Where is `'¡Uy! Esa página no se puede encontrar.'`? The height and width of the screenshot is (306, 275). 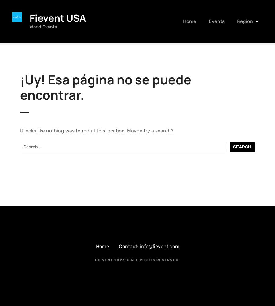 '¡Uy! Esa página no se puede encontrar.' is located at coordinates (105, 87).